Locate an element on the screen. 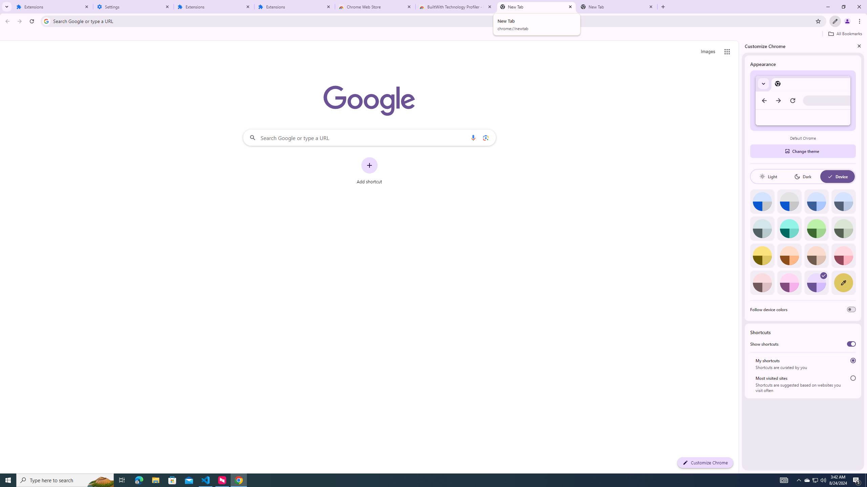 Image resolution: width=867 pixels, height=487 pixels. 'Side Panel Resize Handle' is located at coordinates (740, 256).